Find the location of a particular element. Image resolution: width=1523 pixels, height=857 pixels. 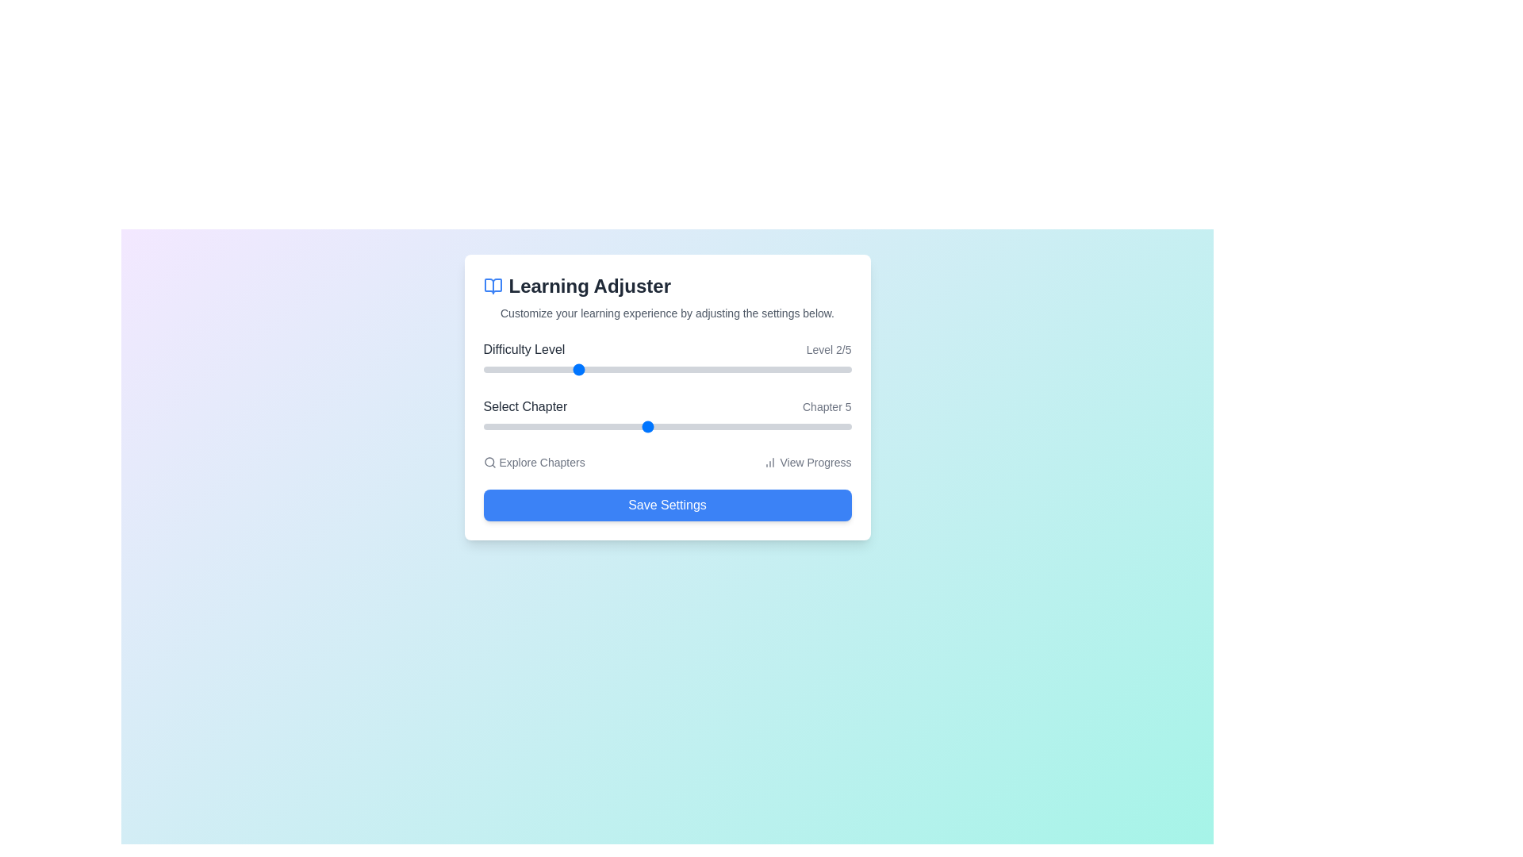

the chapter is located at coordinates (646, 425).